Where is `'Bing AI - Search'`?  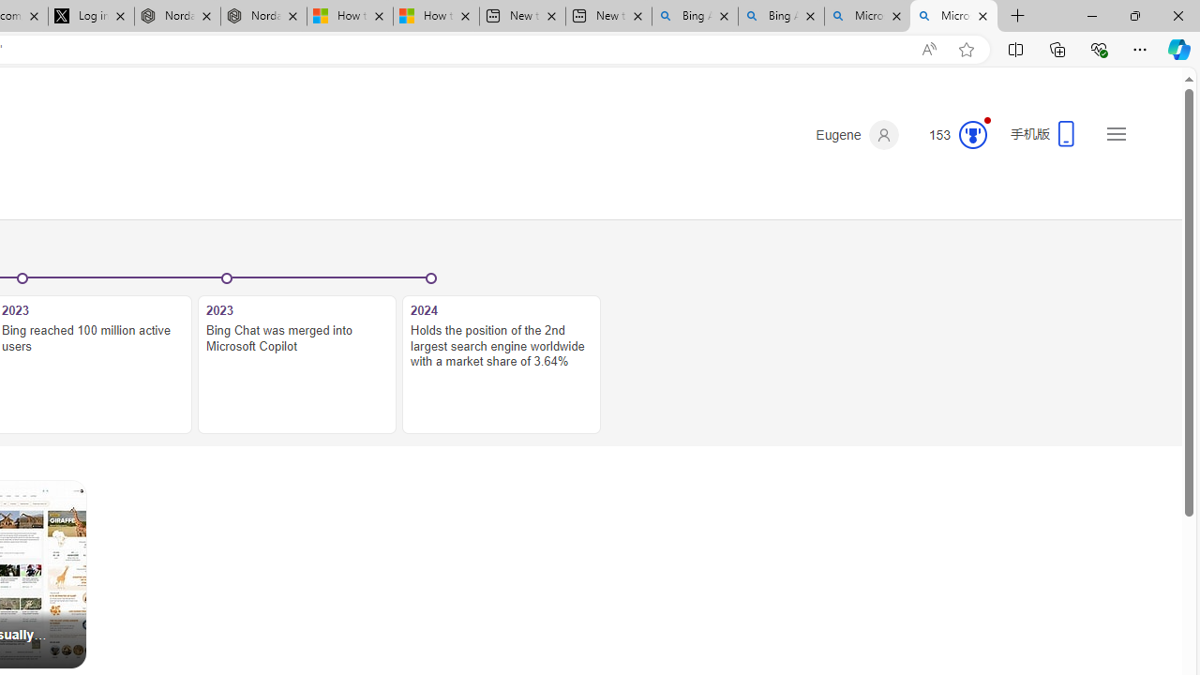 'Bing AI - Search' is located at coordinates (781, 16).